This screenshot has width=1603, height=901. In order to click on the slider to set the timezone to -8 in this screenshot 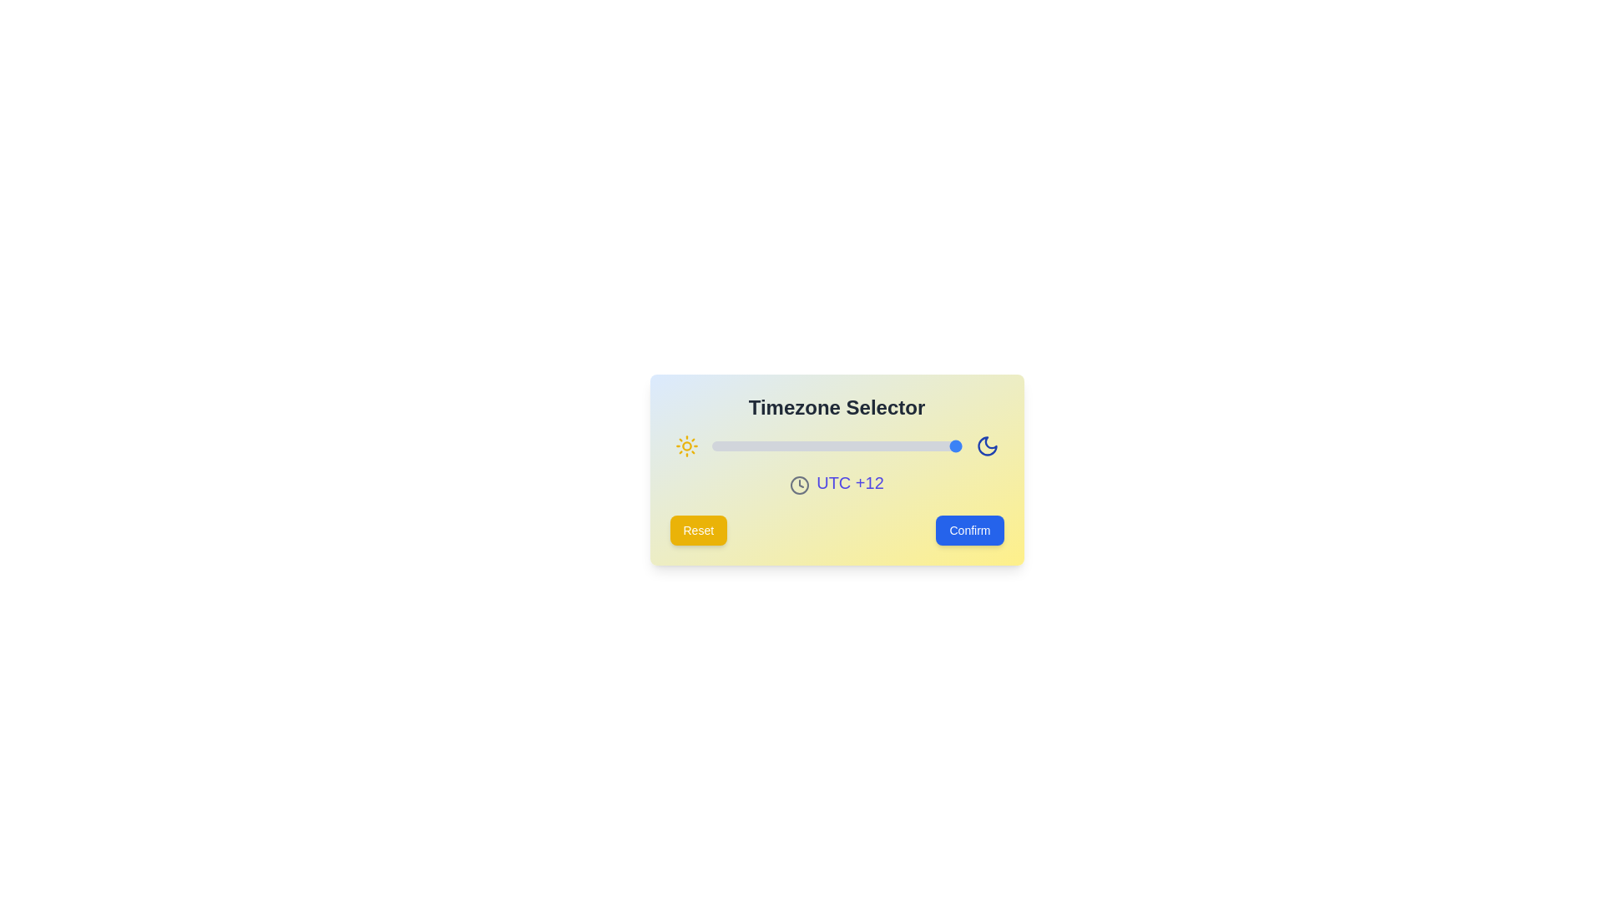, I will do `click(752, 445)`.